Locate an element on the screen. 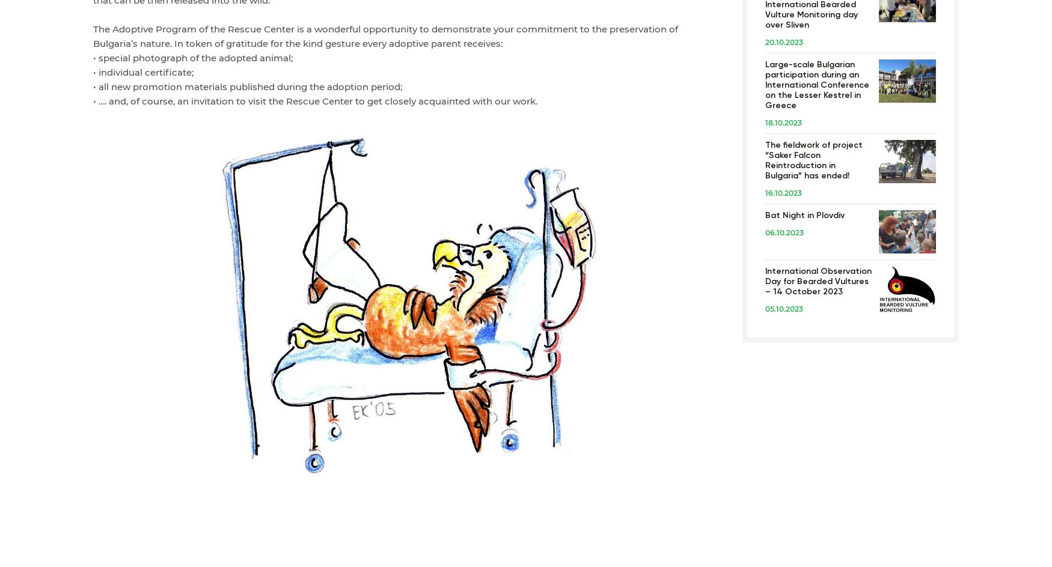 The width and height of the screenshot is (1052, 567). '• all new promotion materials published during the adoption period;' is located at coordinates (246, 86).